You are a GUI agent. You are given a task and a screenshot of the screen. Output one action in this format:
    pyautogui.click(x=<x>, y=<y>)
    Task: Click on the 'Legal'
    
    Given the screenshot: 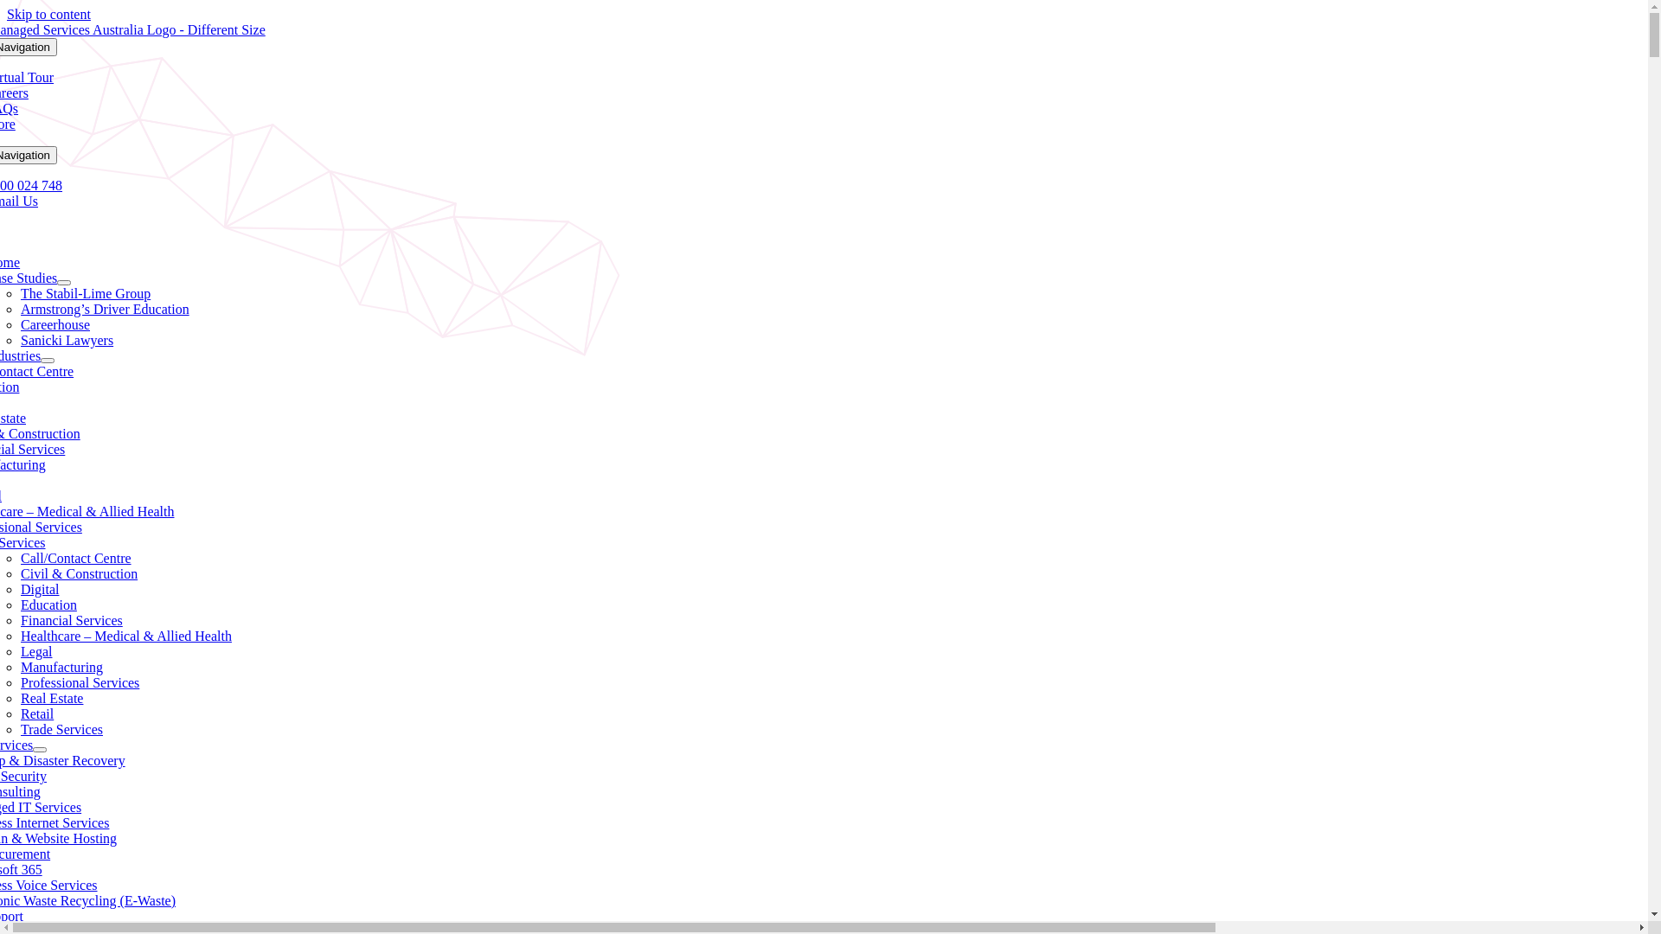 What is the action you would take?
    pyautogui.click(x=36, y=651)
    